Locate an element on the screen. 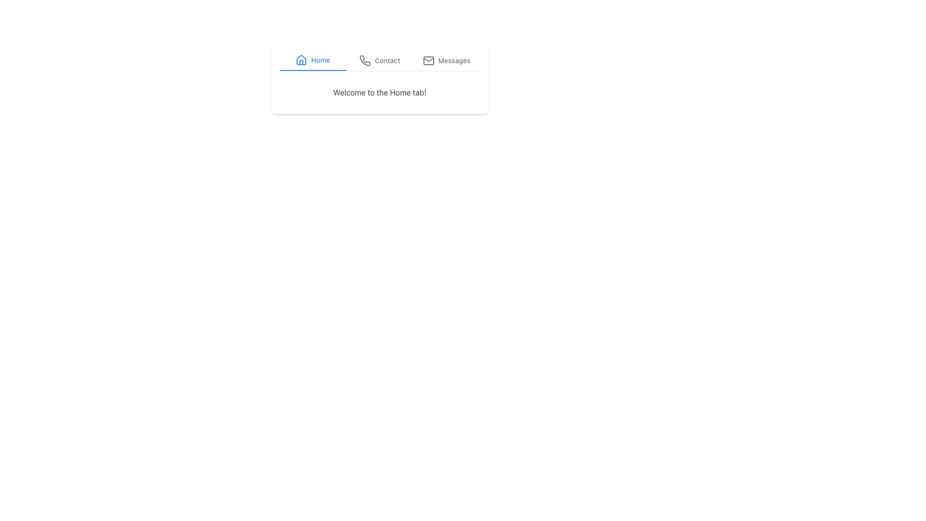 This screenshot has width=926, height=521. the 'Messages' navigation tab button located on the rightmost side of the horizontal navigation bar is located at coordinates (446, 61).